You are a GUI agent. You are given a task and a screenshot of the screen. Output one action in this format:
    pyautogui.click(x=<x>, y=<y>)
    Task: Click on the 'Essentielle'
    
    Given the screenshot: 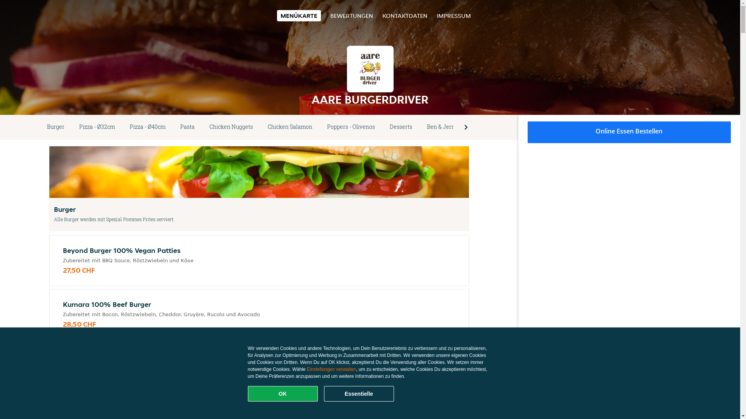 What is the action you would take?
    pyautogui.click(x=324, y=393)
    